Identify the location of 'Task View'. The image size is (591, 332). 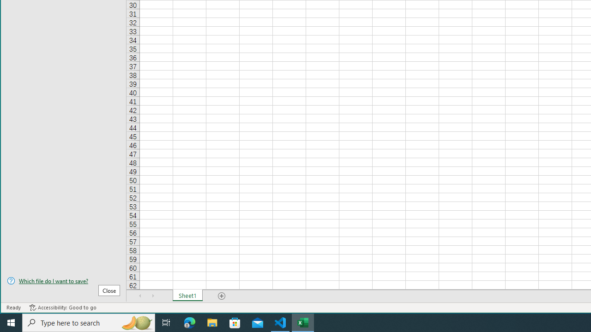
(166, 322).